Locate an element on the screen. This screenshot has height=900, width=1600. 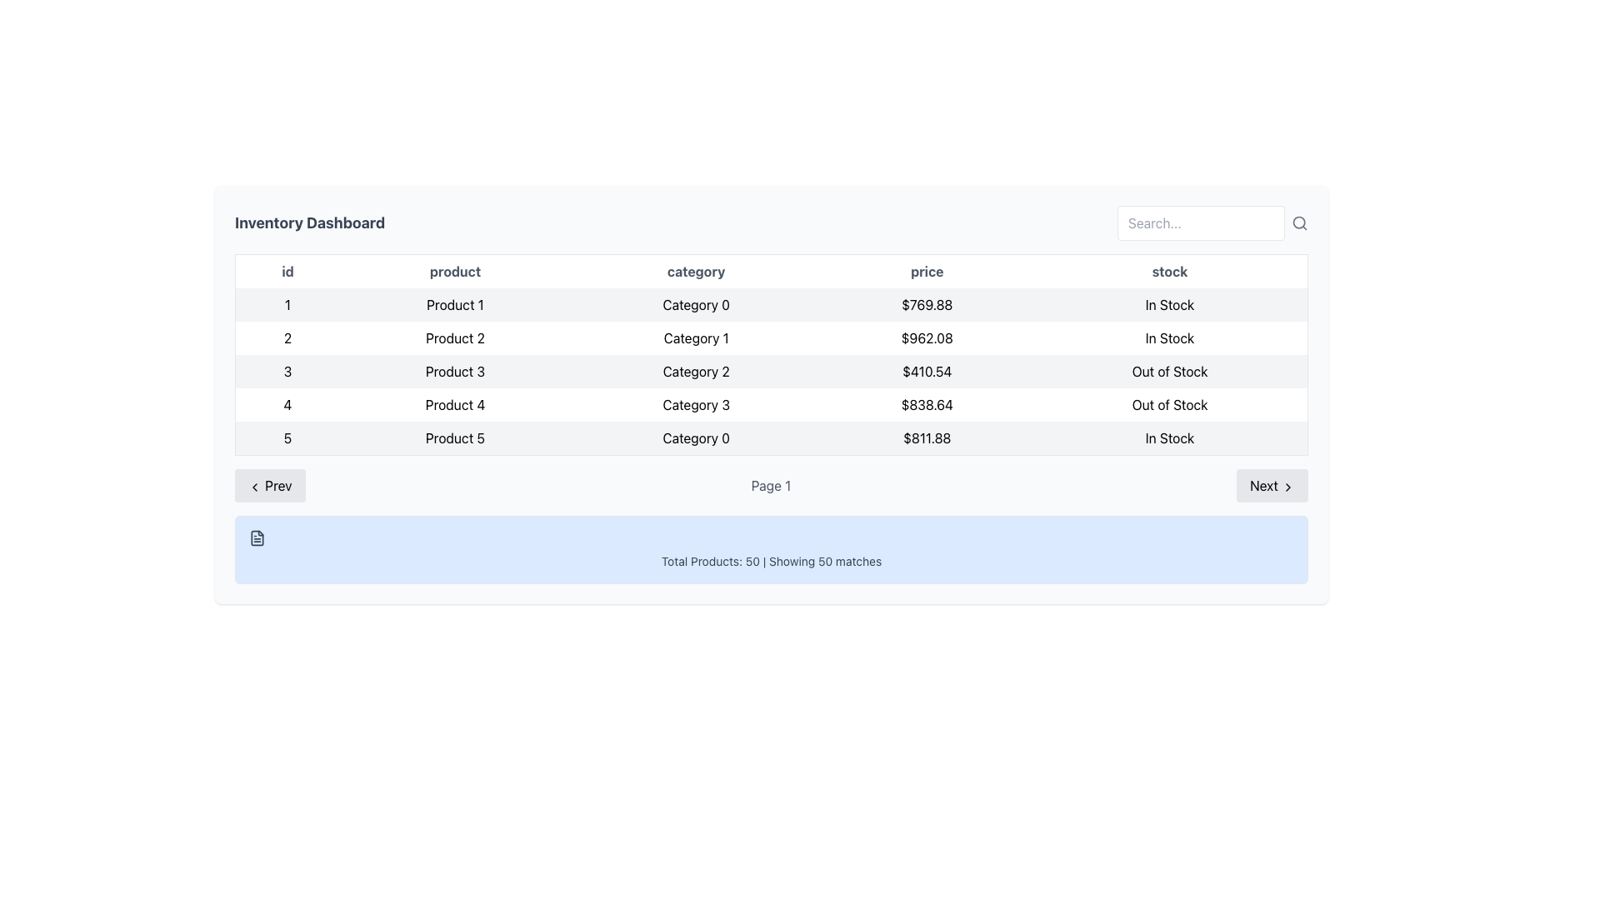
text value displayed in the Label showing the price '$811.88', which is bold black text located in the price column of the table under the fifth product entry is located at coordinates (926, 437).